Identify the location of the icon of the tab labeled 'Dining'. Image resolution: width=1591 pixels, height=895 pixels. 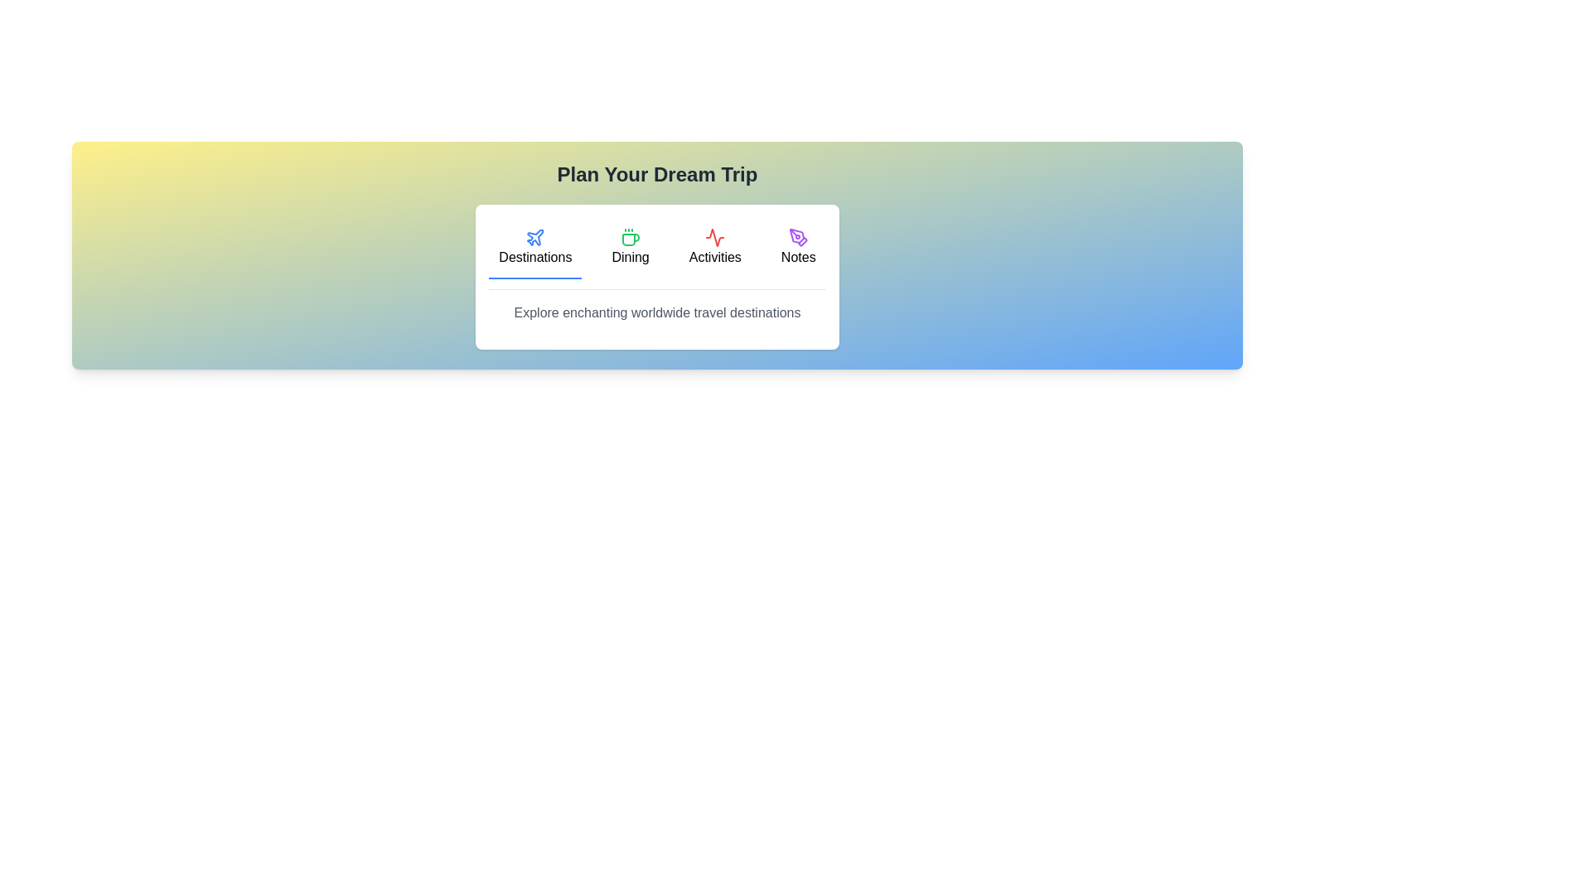
(630, 237).